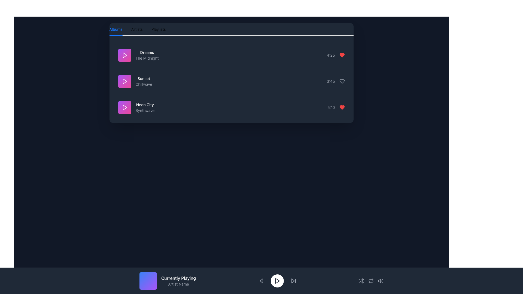  Describe the element at coordinates (178, 284) in the screenshot. I see `the text label displaying 'Artist Name', which is located in the bottom section of the interface, beneath 'Currently Playing'` at that location.